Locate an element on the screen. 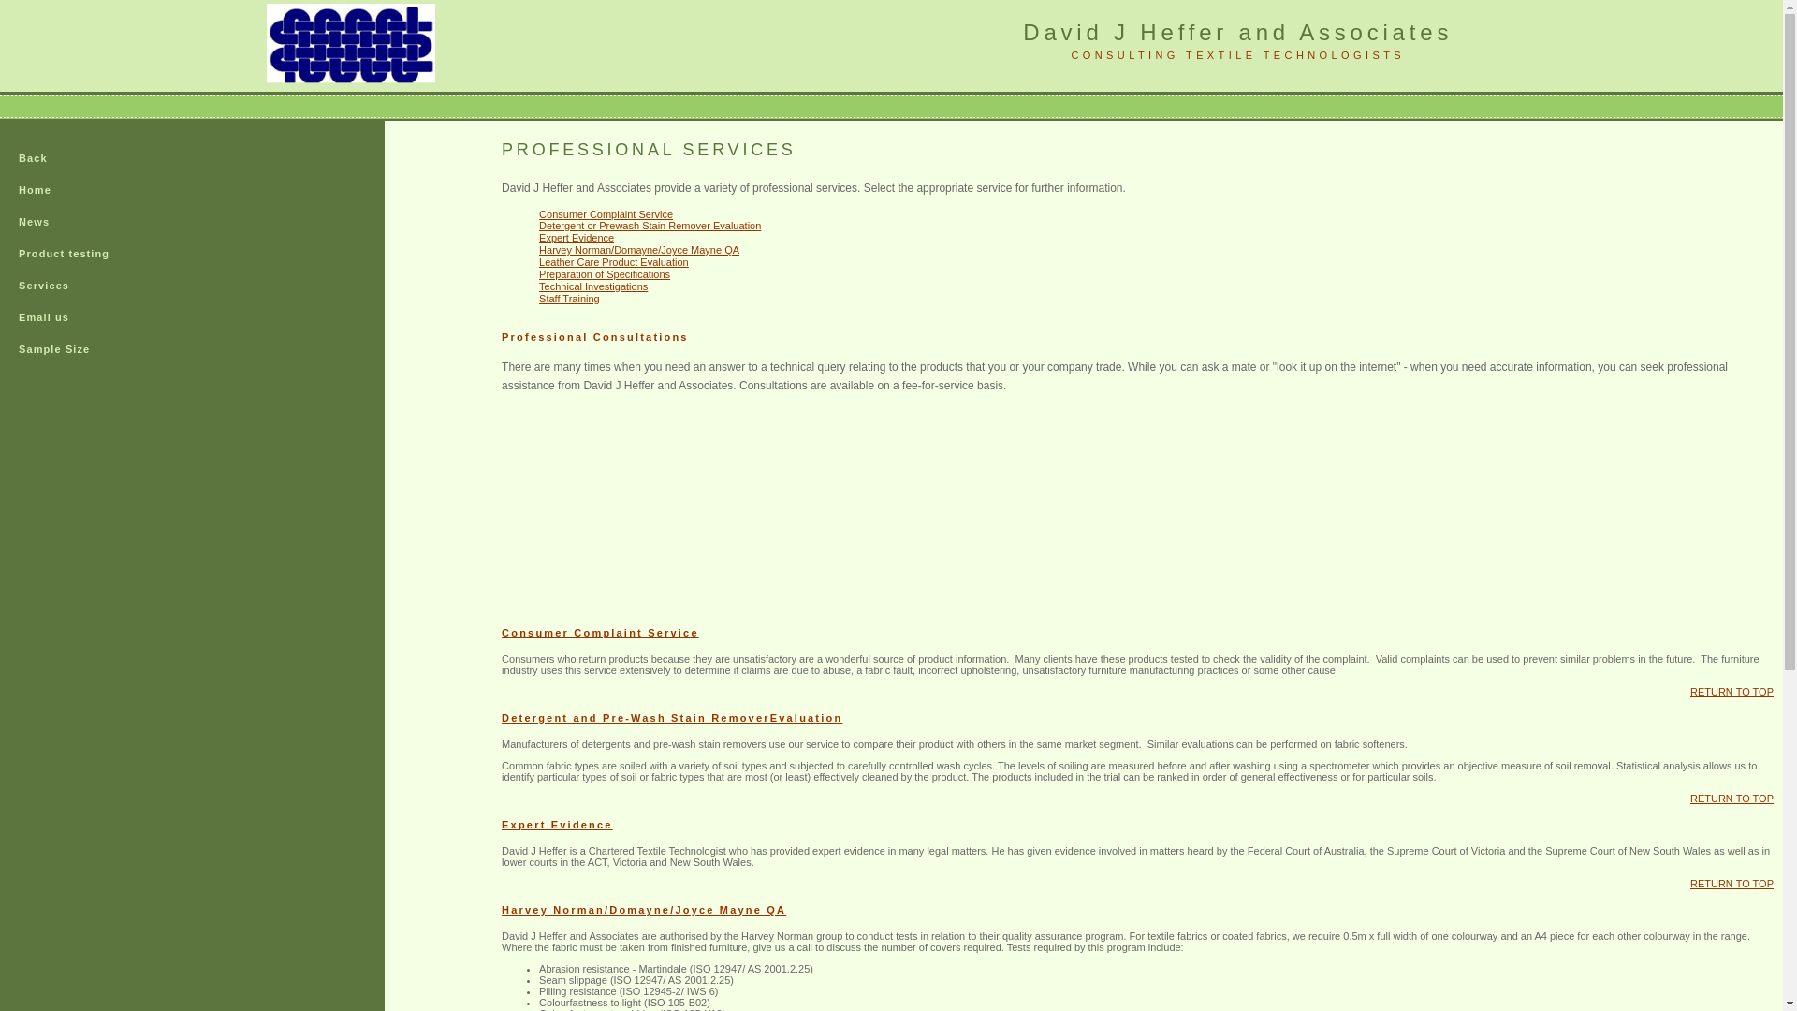 The width and height of the screenshot is (1797, 1011). 'Technical Investigations' is located at coordinates (538, 286).